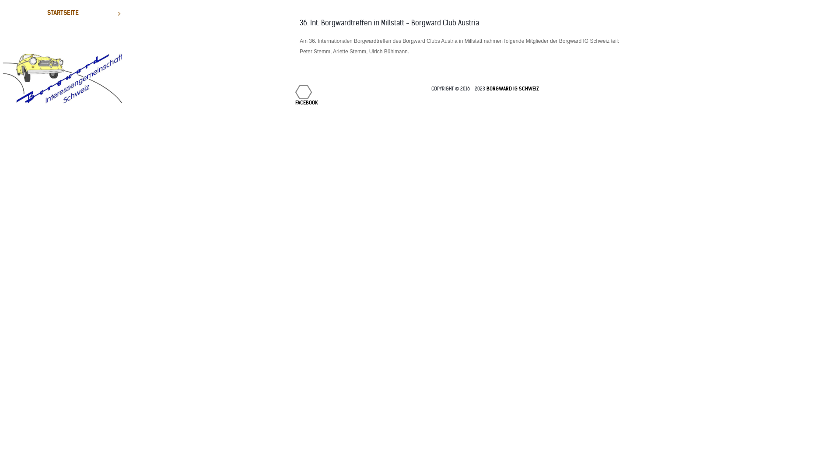 This screenshot has width=840, height=472. What do you see at coordinates (512, 89) in the screenshot?
I see `'BORGWARD IG SCHWEIZ'` at bounding box center [512, 89].